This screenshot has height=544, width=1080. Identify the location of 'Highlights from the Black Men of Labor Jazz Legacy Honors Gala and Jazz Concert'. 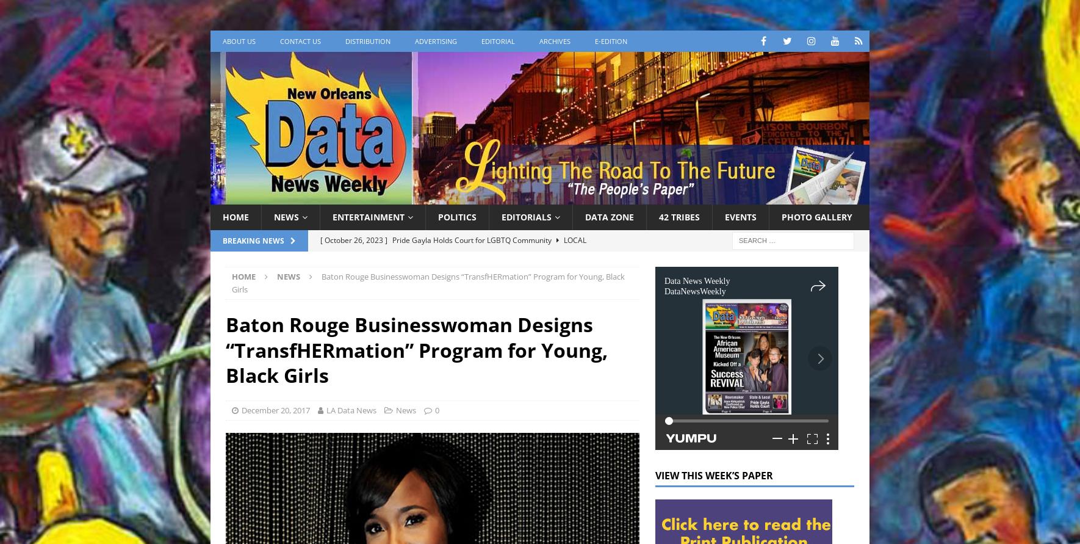
(472, 312).